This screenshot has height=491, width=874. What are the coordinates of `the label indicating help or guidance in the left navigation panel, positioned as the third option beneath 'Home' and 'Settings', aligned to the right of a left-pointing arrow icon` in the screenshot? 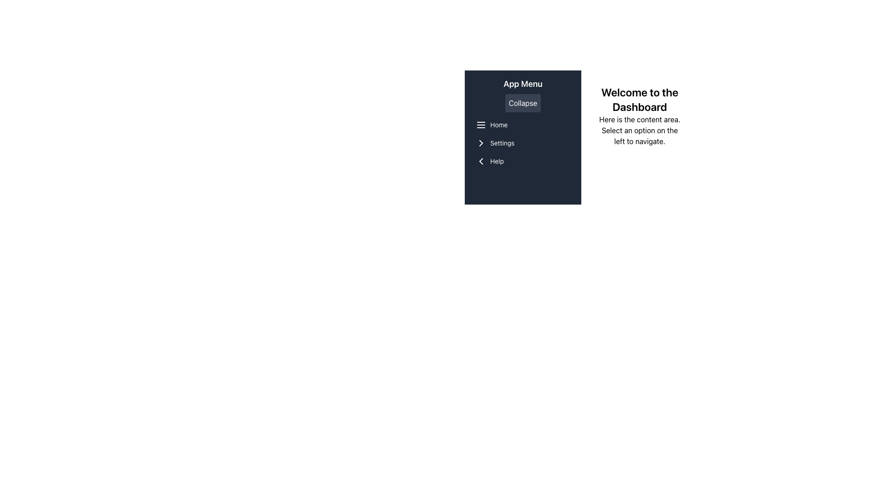 It's located at (496, 160).